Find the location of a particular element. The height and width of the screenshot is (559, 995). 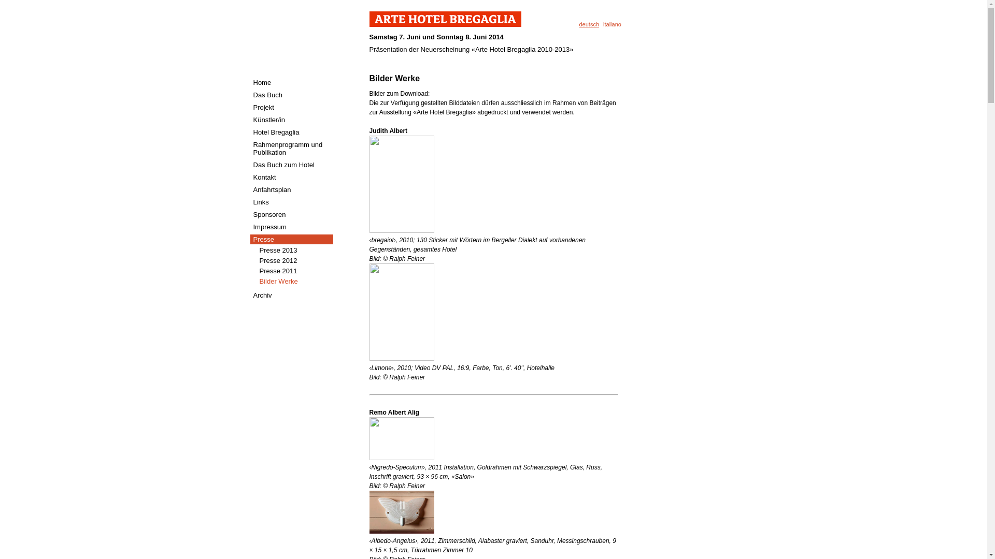

'deutsch' is located at coordinates (589, 23).